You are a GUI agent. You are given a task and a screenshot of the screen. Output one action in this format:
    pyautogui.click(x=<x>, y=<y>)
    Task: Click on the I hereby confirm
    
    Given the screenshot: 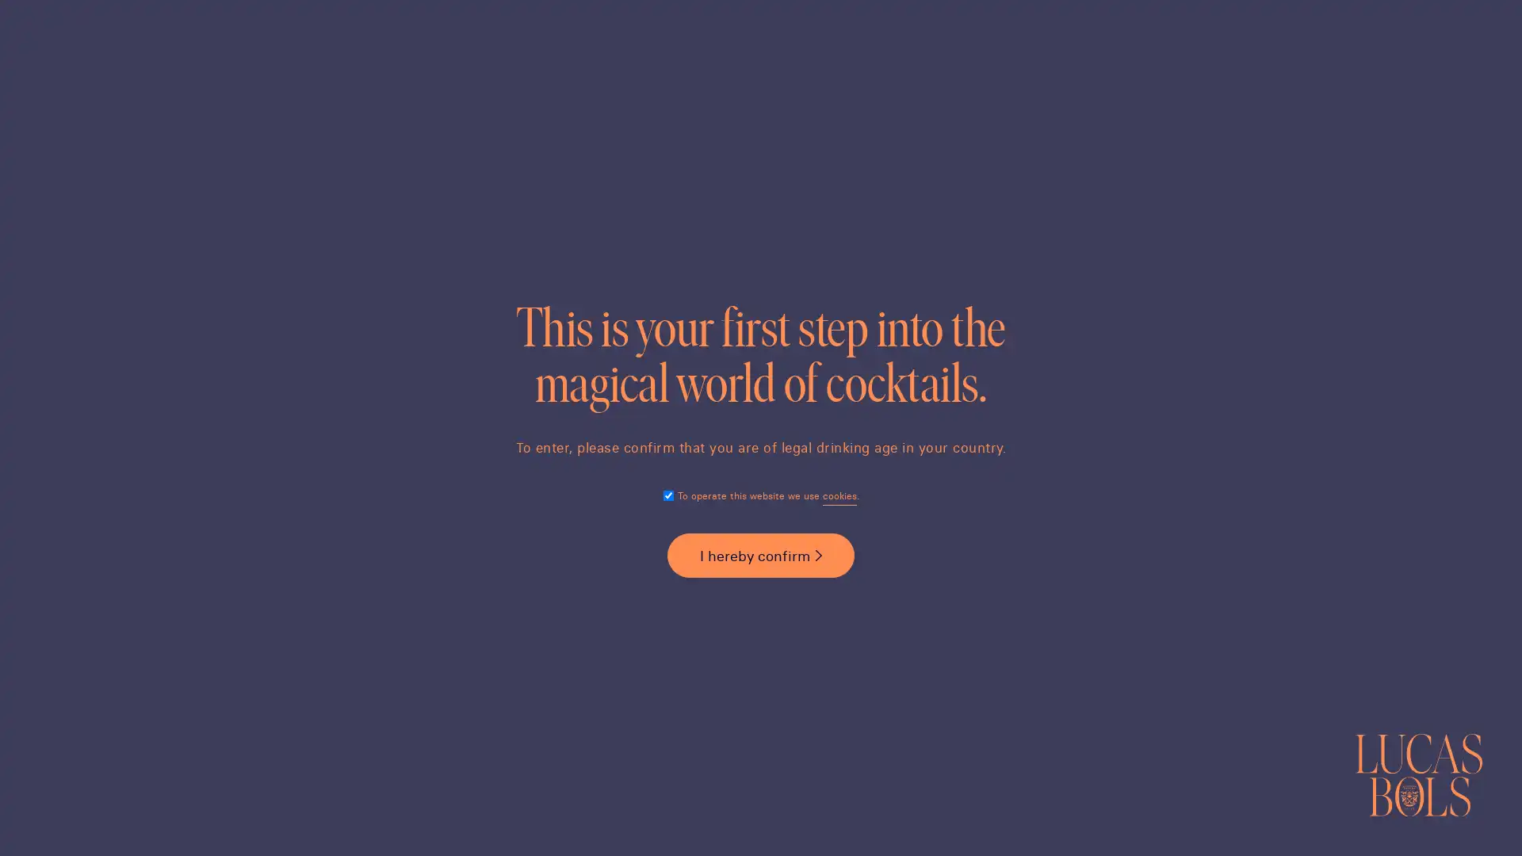 What is the action you would take?
    pyautogui.click(x=761, y=555)
    